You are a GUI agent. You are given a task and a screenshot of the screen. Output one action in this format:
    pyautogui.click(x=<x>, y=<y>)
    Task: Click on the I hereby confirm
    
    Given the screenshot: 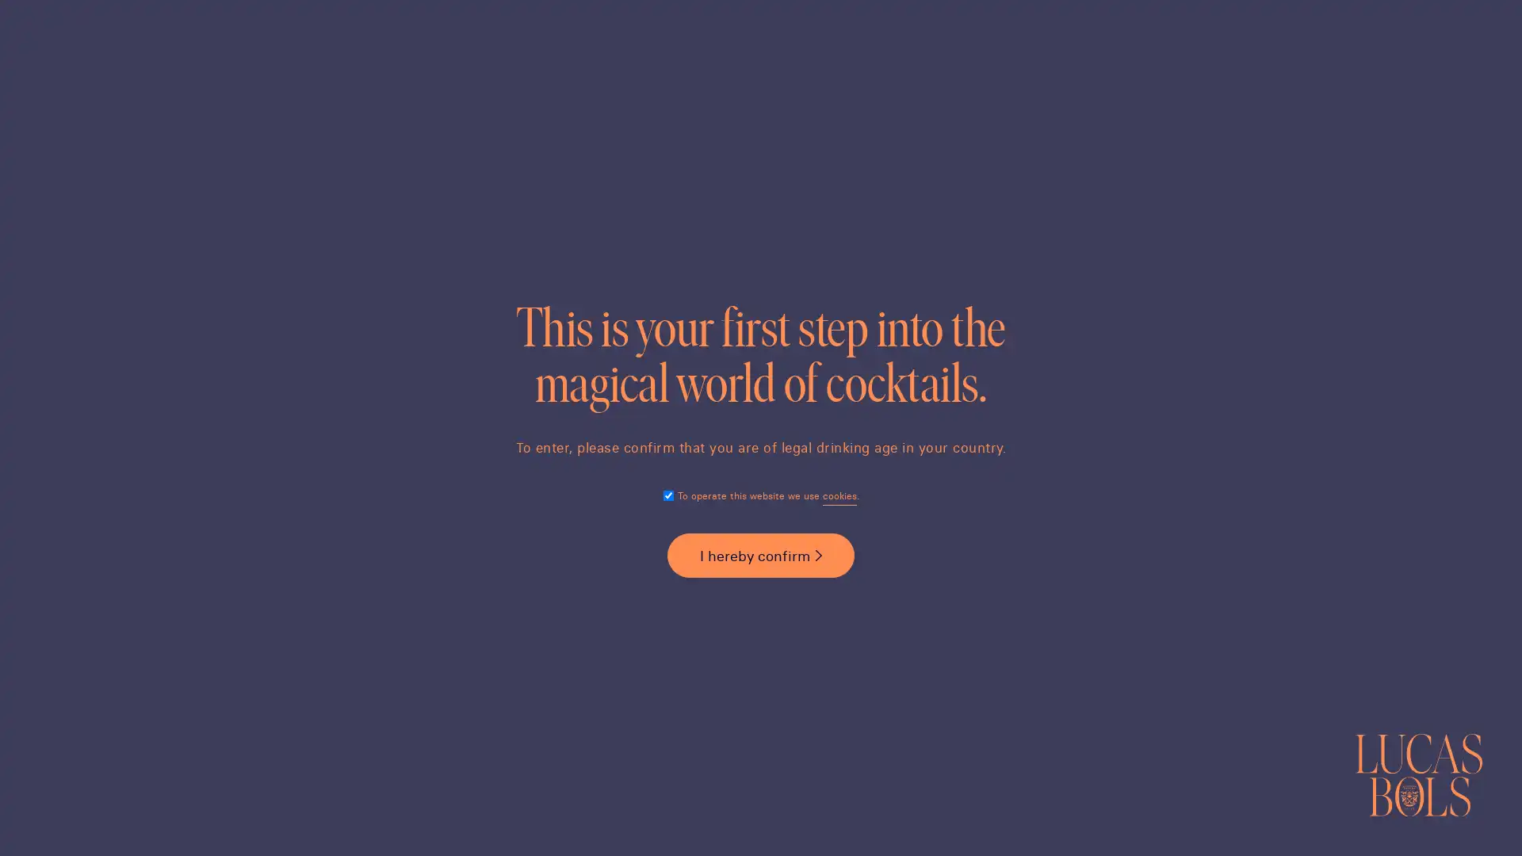 What is the action you would take?
    pyautogui.click(x=761, y=555)
    